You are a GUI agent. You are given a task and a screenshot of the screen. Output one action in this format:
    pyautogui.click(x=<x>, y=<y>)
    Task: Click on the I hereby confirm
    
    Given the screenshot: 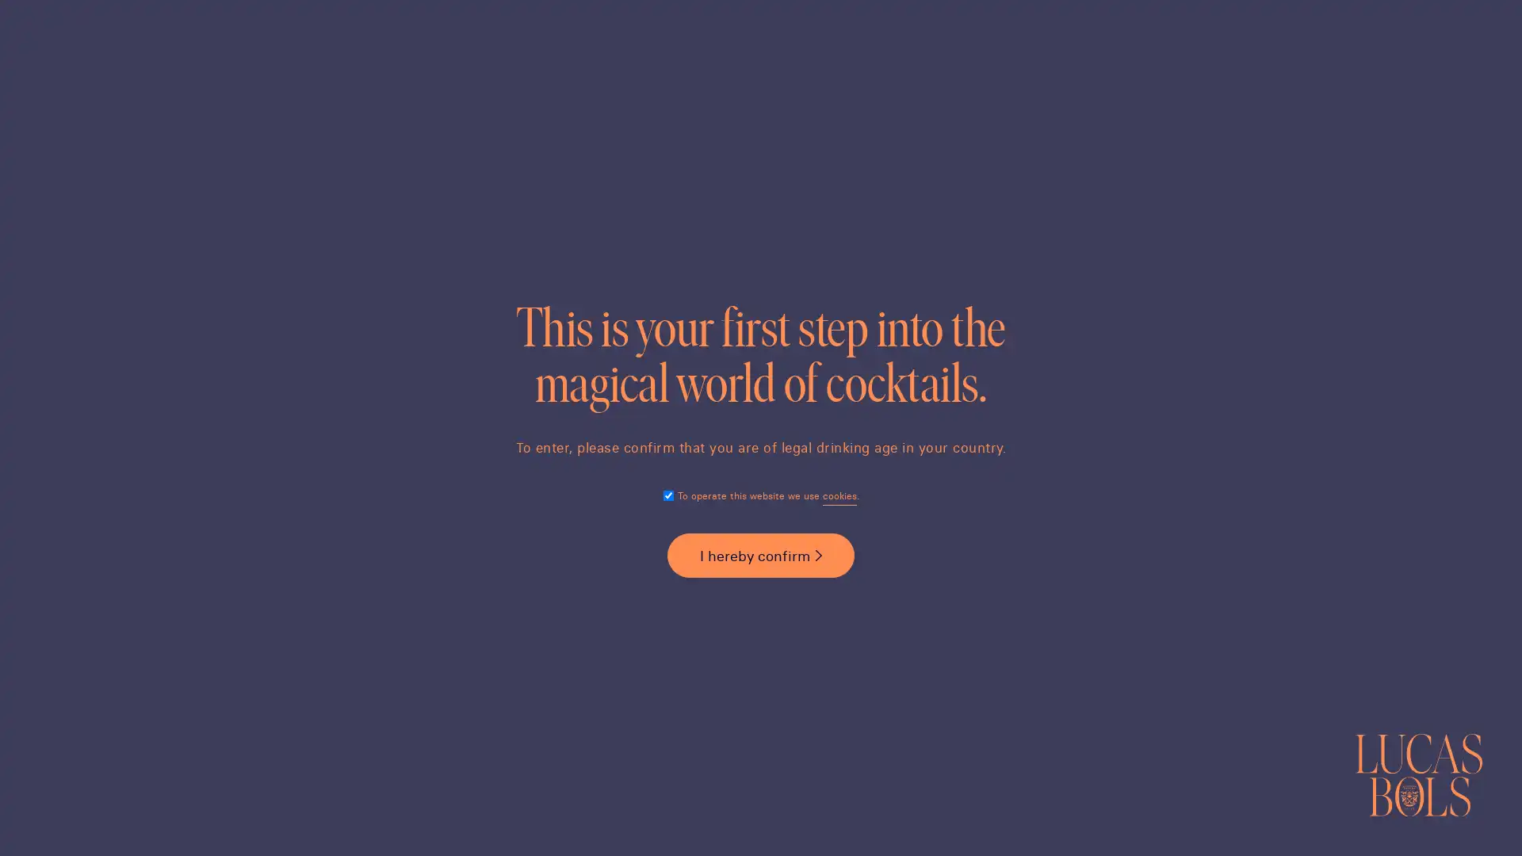 What is the action you would take?
    pyautogui.click(x=761, y=555)
    